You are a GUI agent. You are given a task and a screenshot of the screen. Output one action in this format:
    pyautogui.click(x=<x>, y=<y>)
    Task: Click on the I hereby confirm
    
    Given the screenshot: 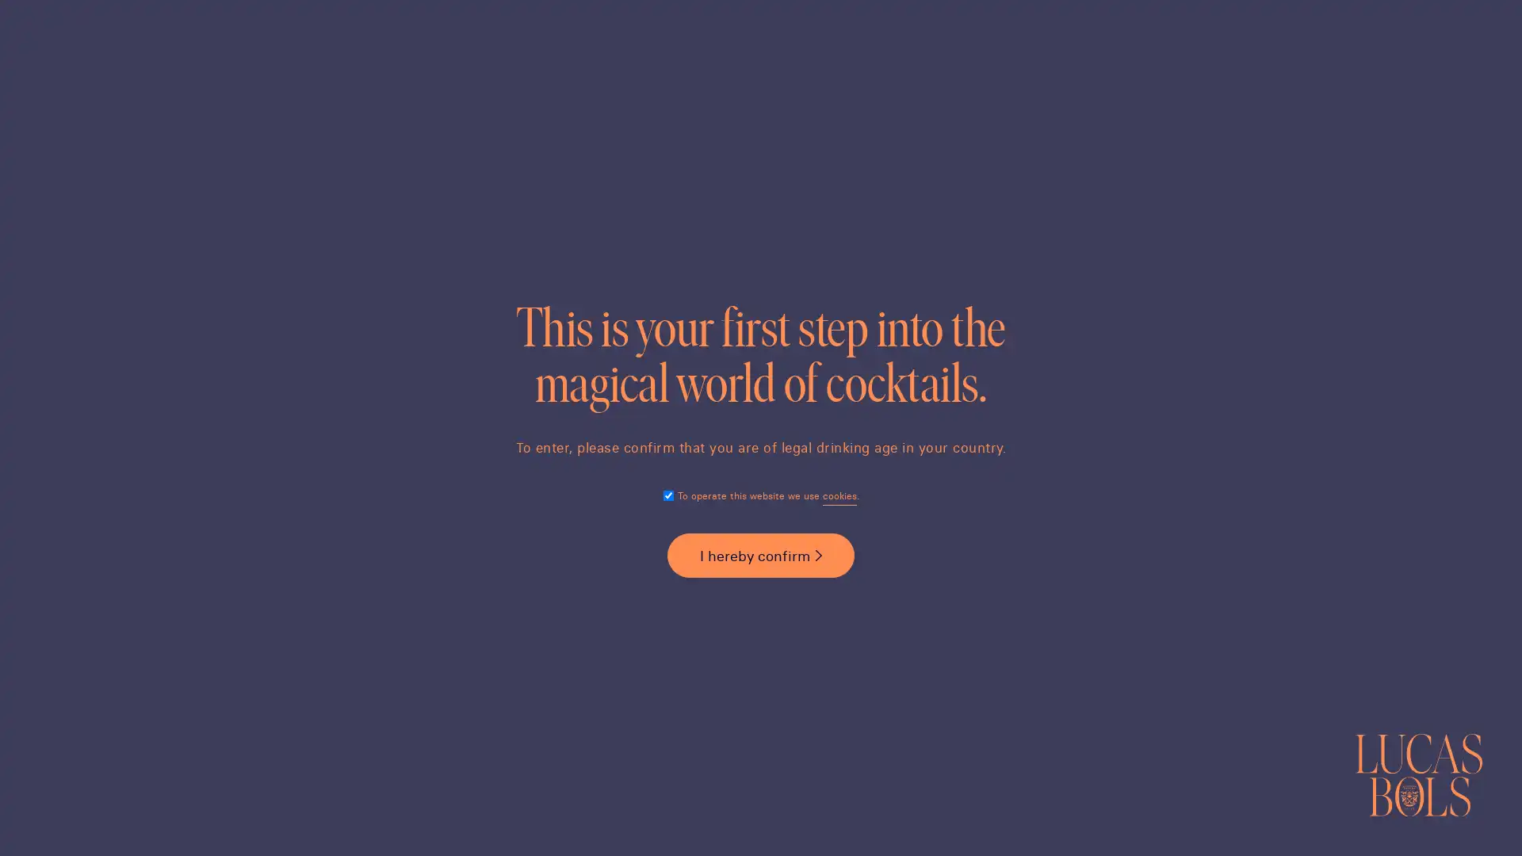 What is the action you would take?
    pyautogui.click(x=761, y=555)
    